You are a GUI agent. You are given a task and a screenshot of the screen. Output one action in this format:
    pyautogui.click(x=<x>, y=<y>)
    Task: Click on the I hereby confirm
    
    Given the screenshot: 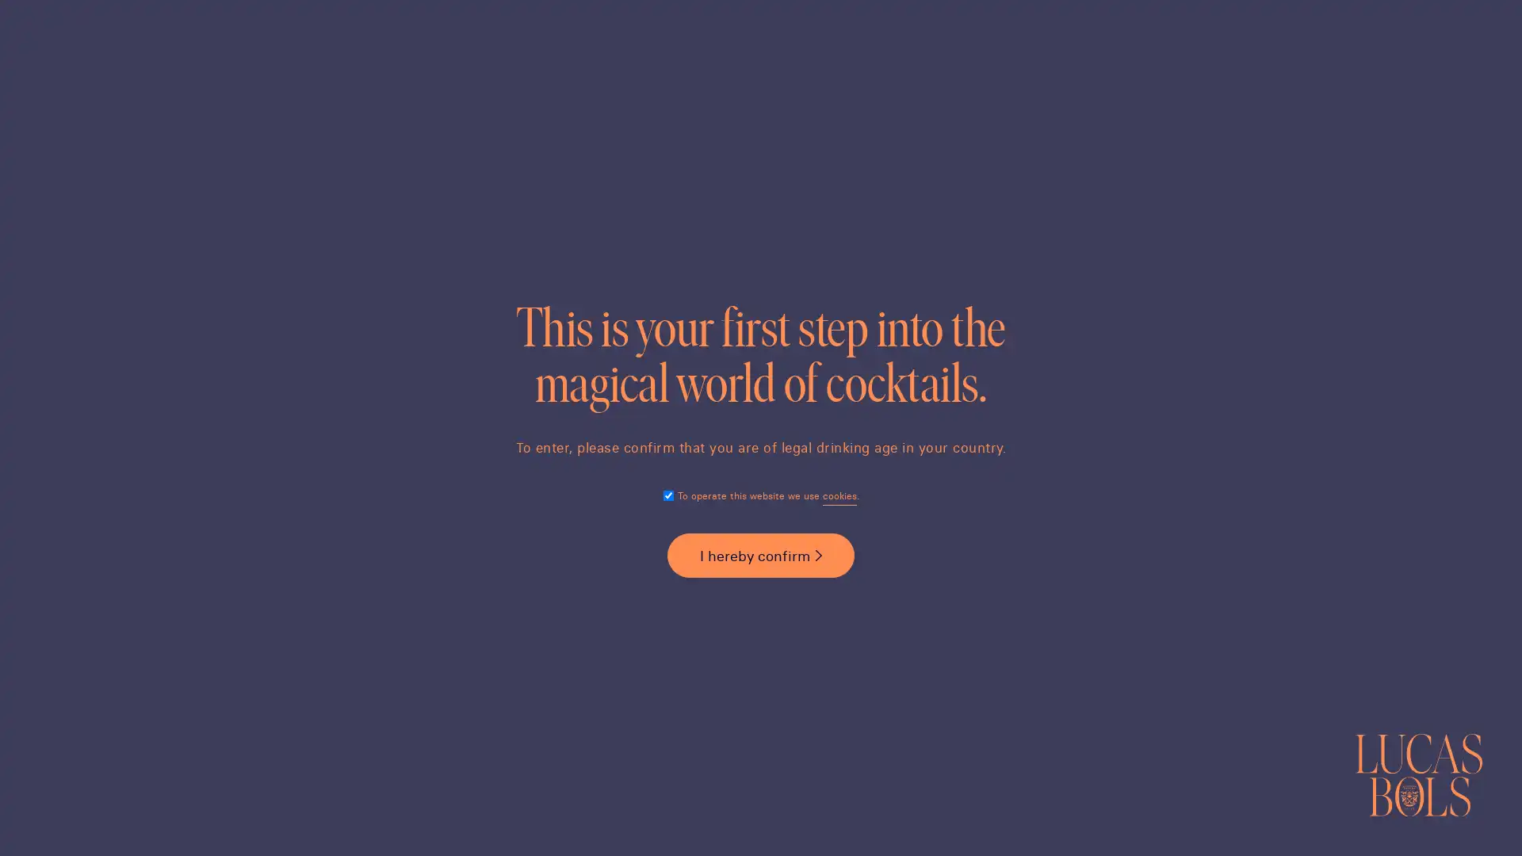 What is the action you would take?
    pyautogui.click(x=761, y=555)
    